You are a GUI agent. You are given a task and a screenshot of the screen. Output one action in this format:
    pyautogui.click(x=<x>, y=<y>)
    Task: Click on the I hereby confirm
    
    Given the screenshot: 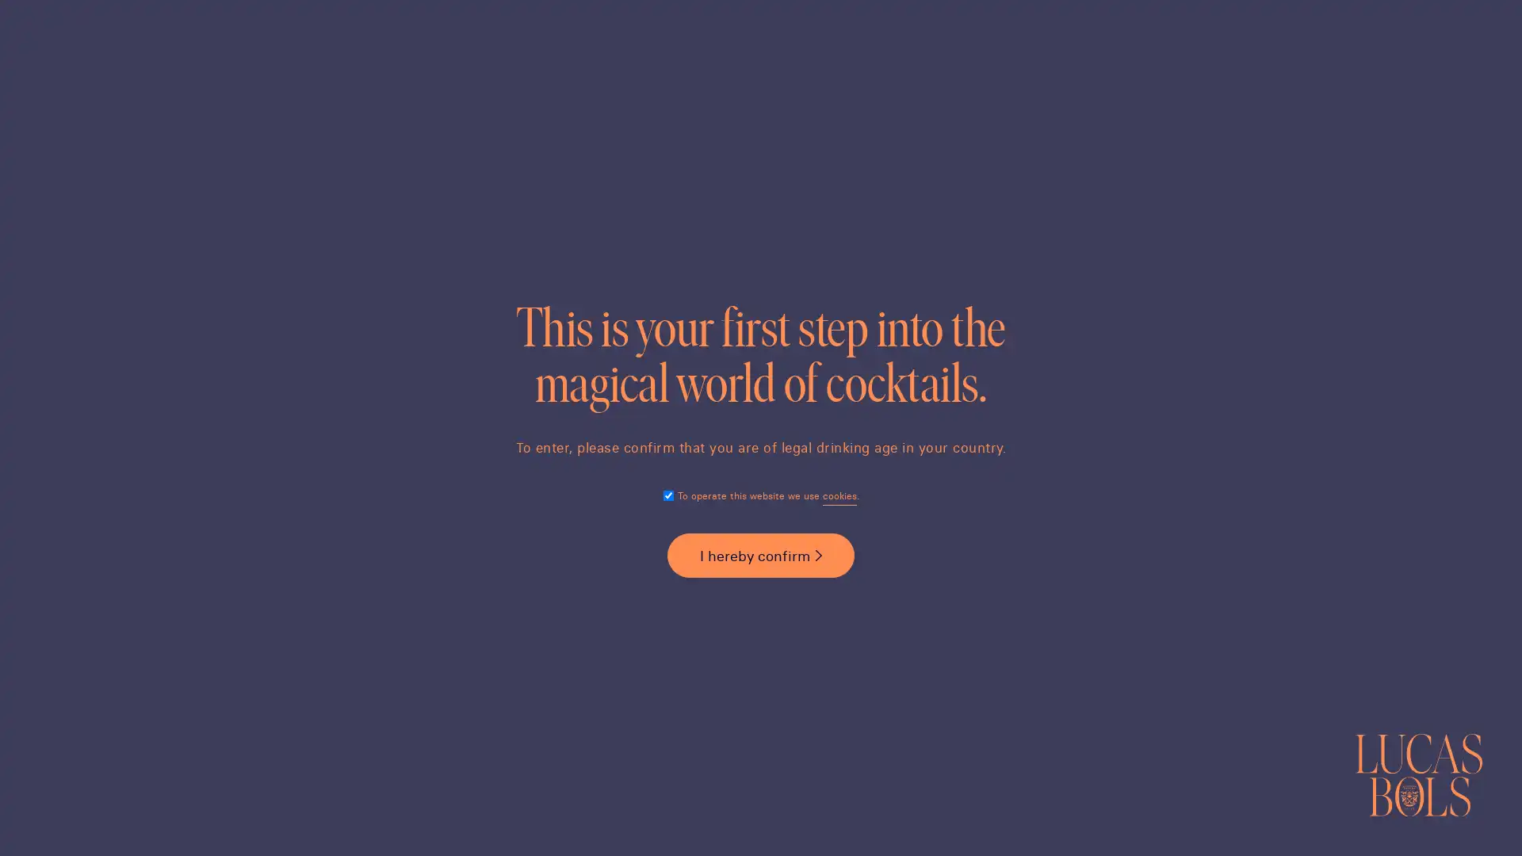 What is the action you would take?
    pyautogui.click(x=761, y=555)
    